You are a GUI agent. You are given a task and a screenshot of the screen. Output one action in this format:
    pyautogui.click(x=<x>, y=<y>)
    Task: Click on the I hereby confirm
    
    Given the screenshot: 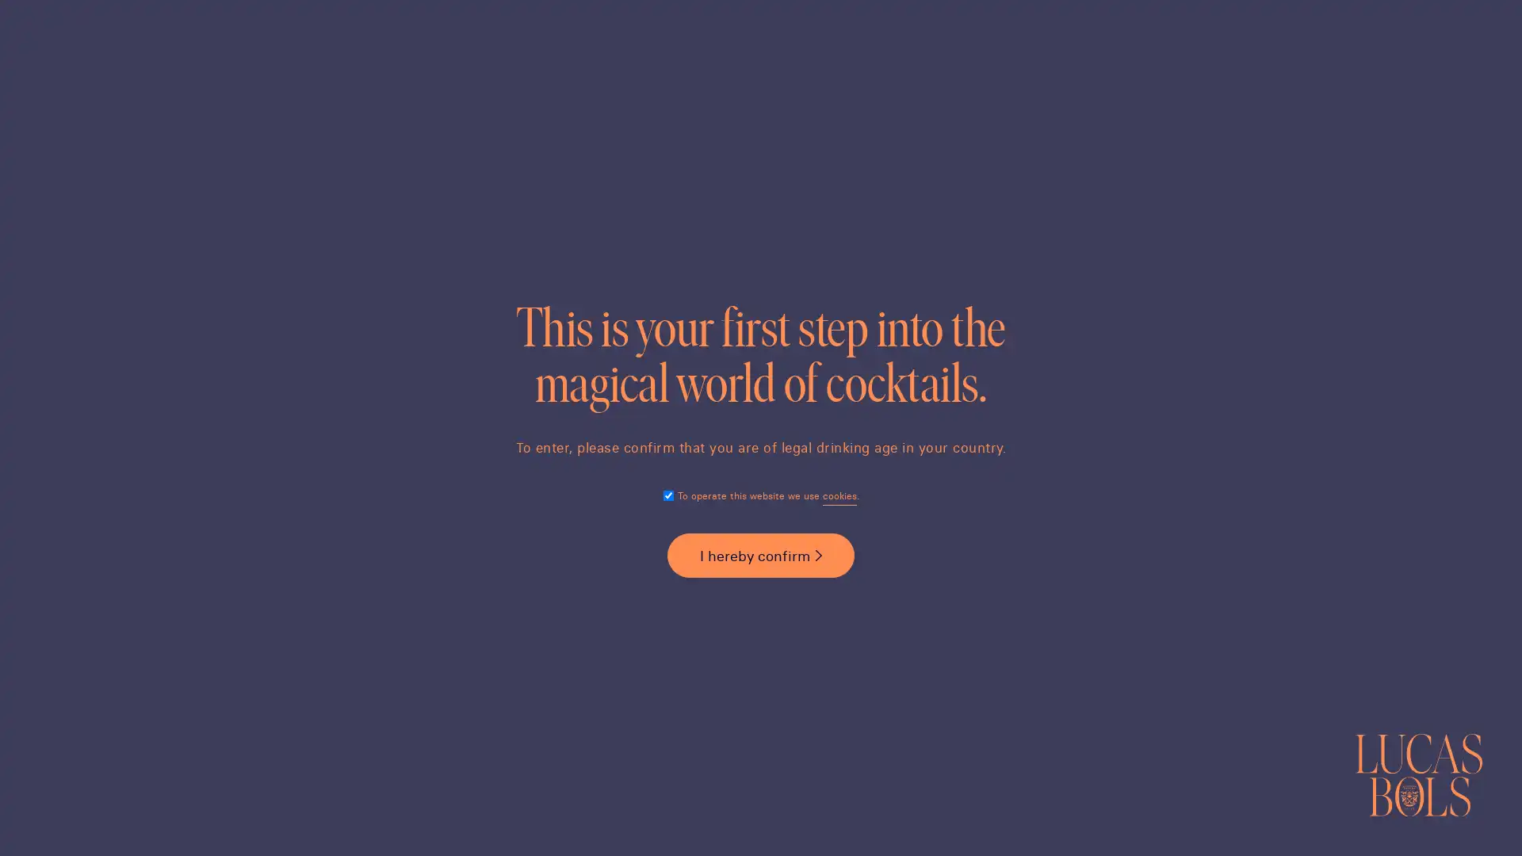 What is the action you would take?
    pyautogui.click(x=761, y=555)
    